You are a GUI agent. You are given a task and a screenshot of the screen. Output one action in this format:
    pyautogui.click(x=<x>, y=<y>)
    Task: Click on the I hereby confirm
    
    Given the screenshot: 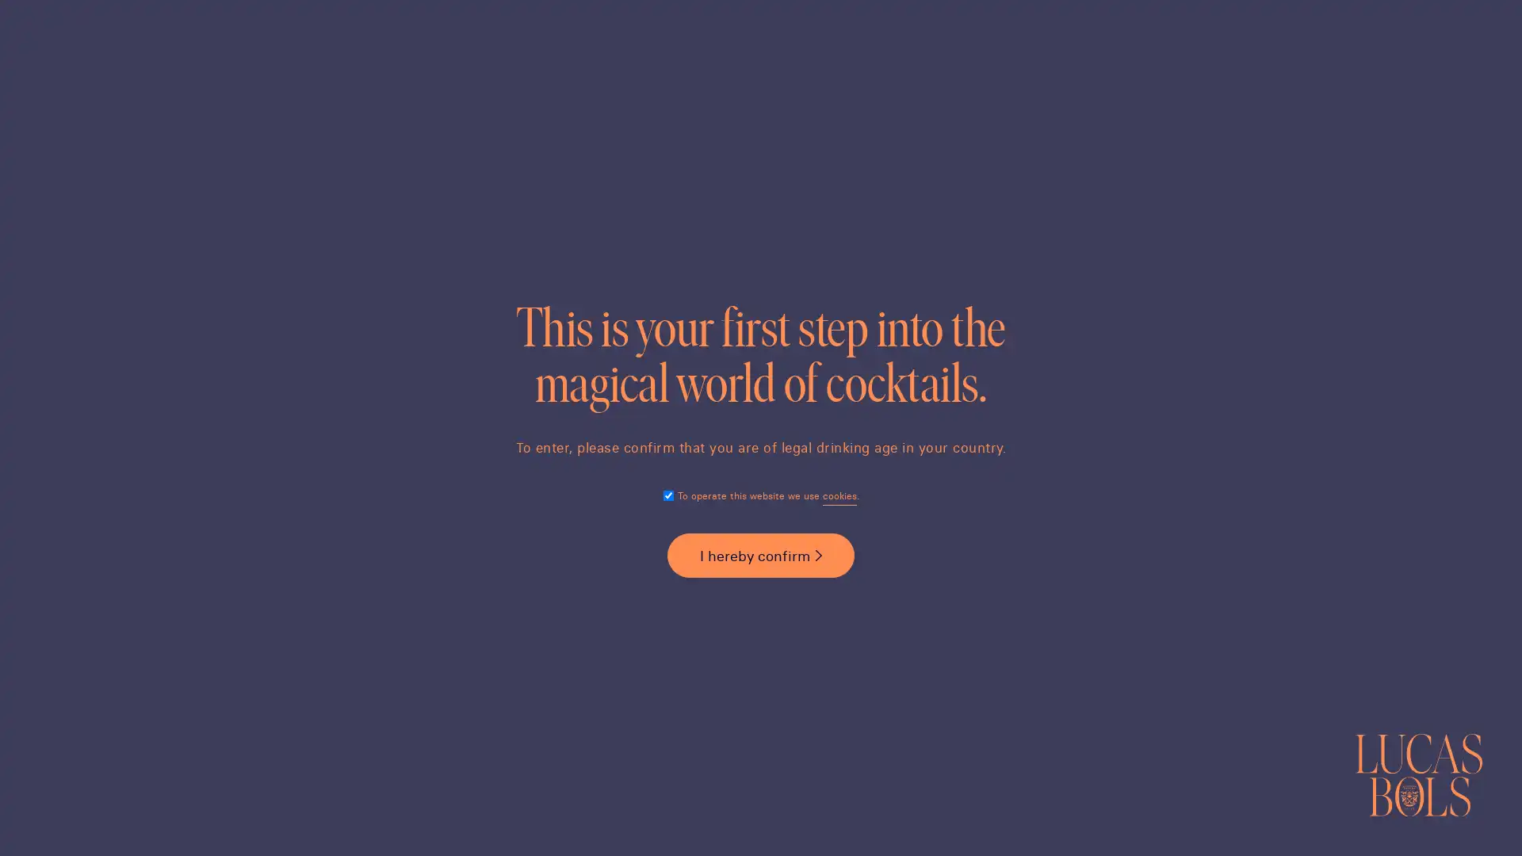 What is the action you would take?
    pyautogui.click(x=761, y=555)
    